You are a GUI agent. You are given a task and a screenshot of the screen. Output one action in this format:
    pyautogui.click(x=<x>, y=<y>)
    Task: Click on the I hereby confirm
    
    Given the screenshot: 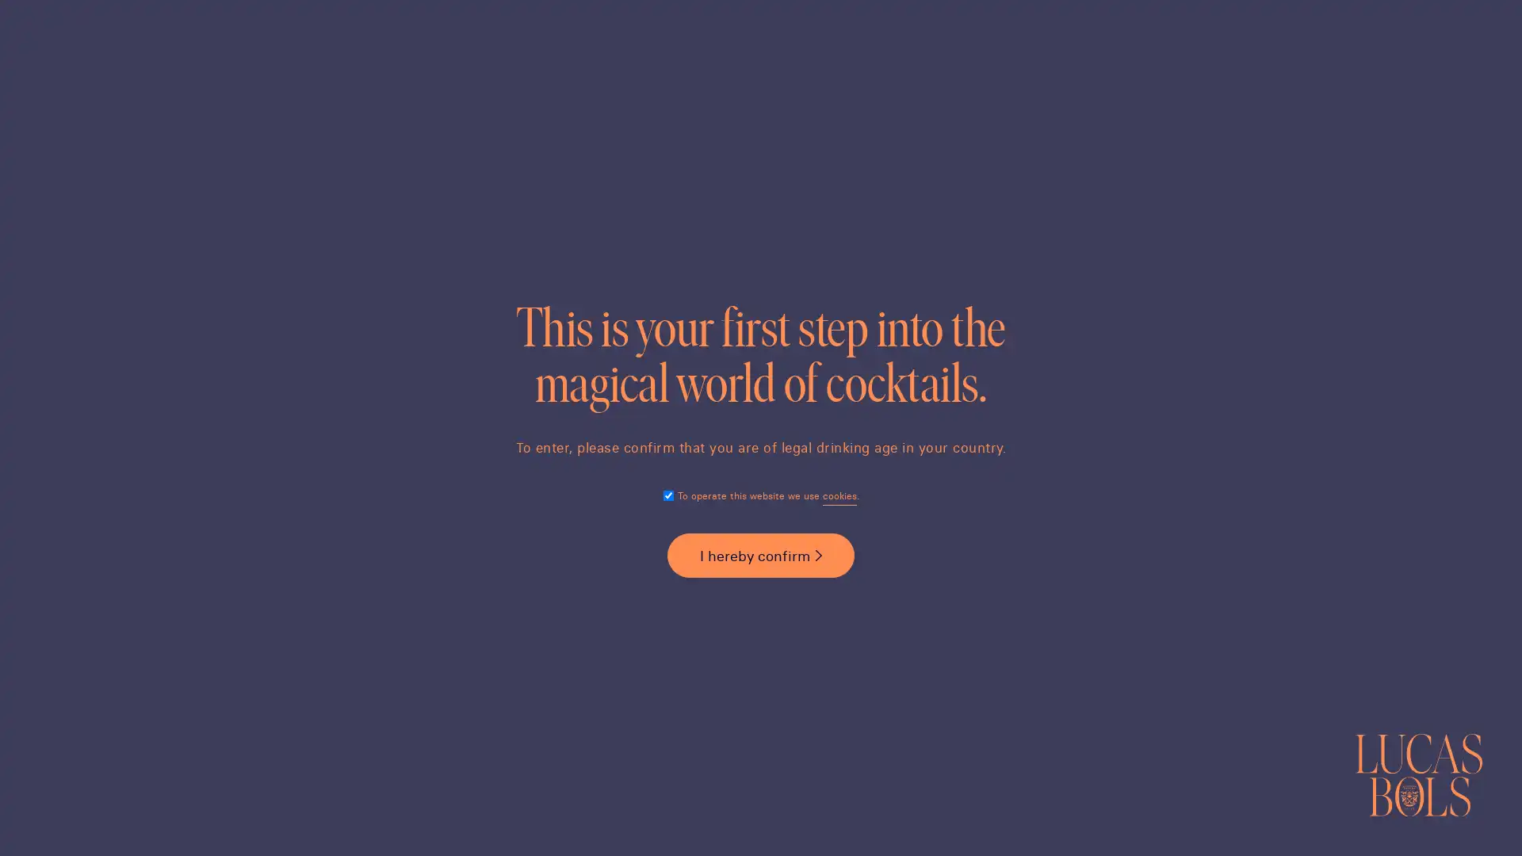 What is the action you would take?
    pyautogui.click(x=761, y=555)
    